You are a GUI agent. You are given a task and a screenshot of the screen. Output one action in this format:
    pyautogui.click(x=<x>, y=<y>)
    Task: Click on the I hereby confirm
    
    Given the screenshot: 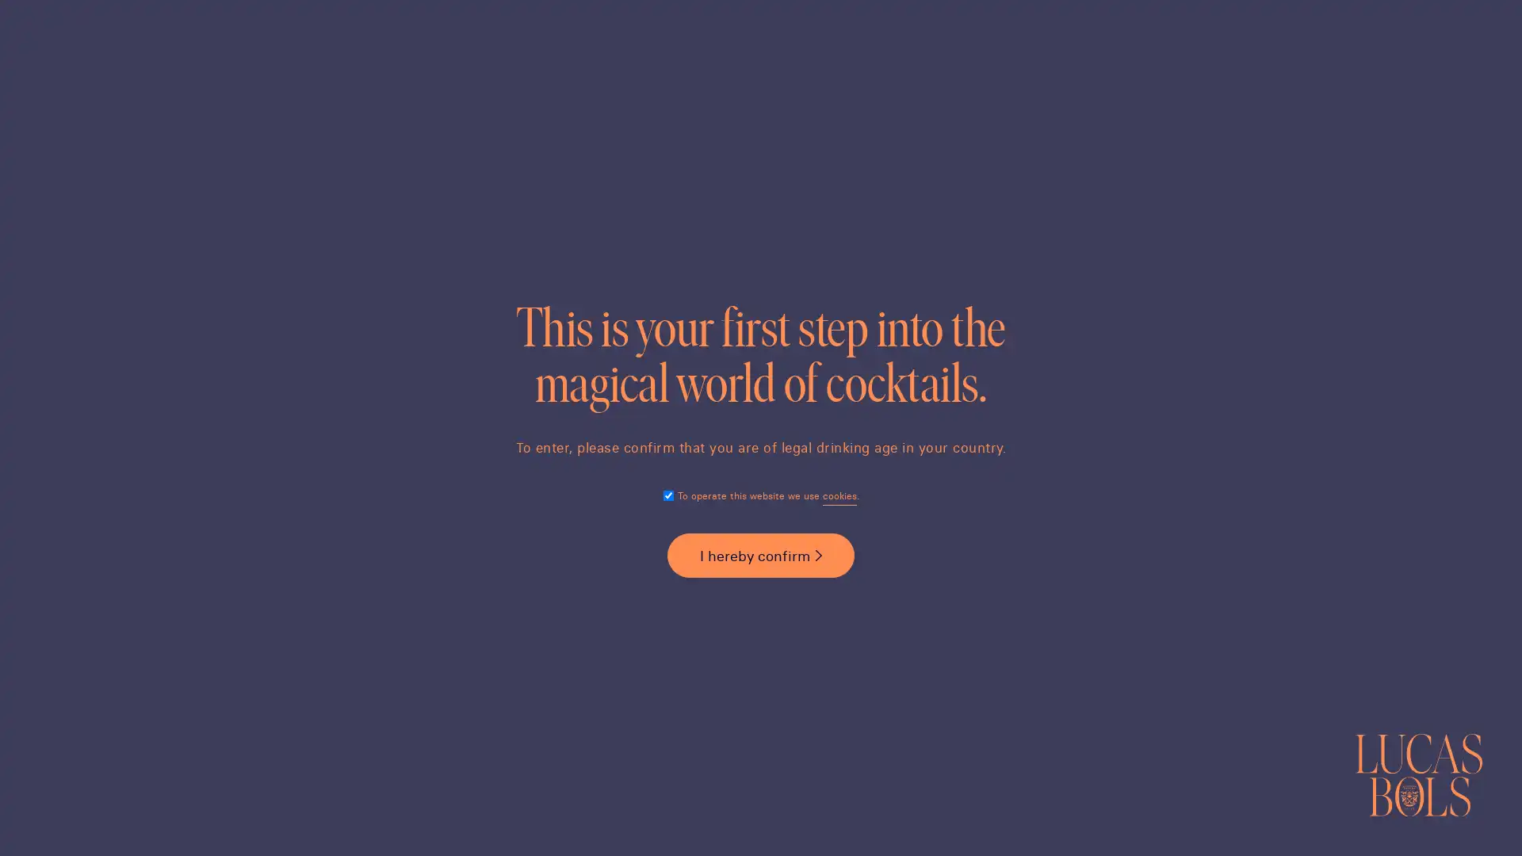 What is the action you would take?
    pyautogui.click(x=761, y=555)
    